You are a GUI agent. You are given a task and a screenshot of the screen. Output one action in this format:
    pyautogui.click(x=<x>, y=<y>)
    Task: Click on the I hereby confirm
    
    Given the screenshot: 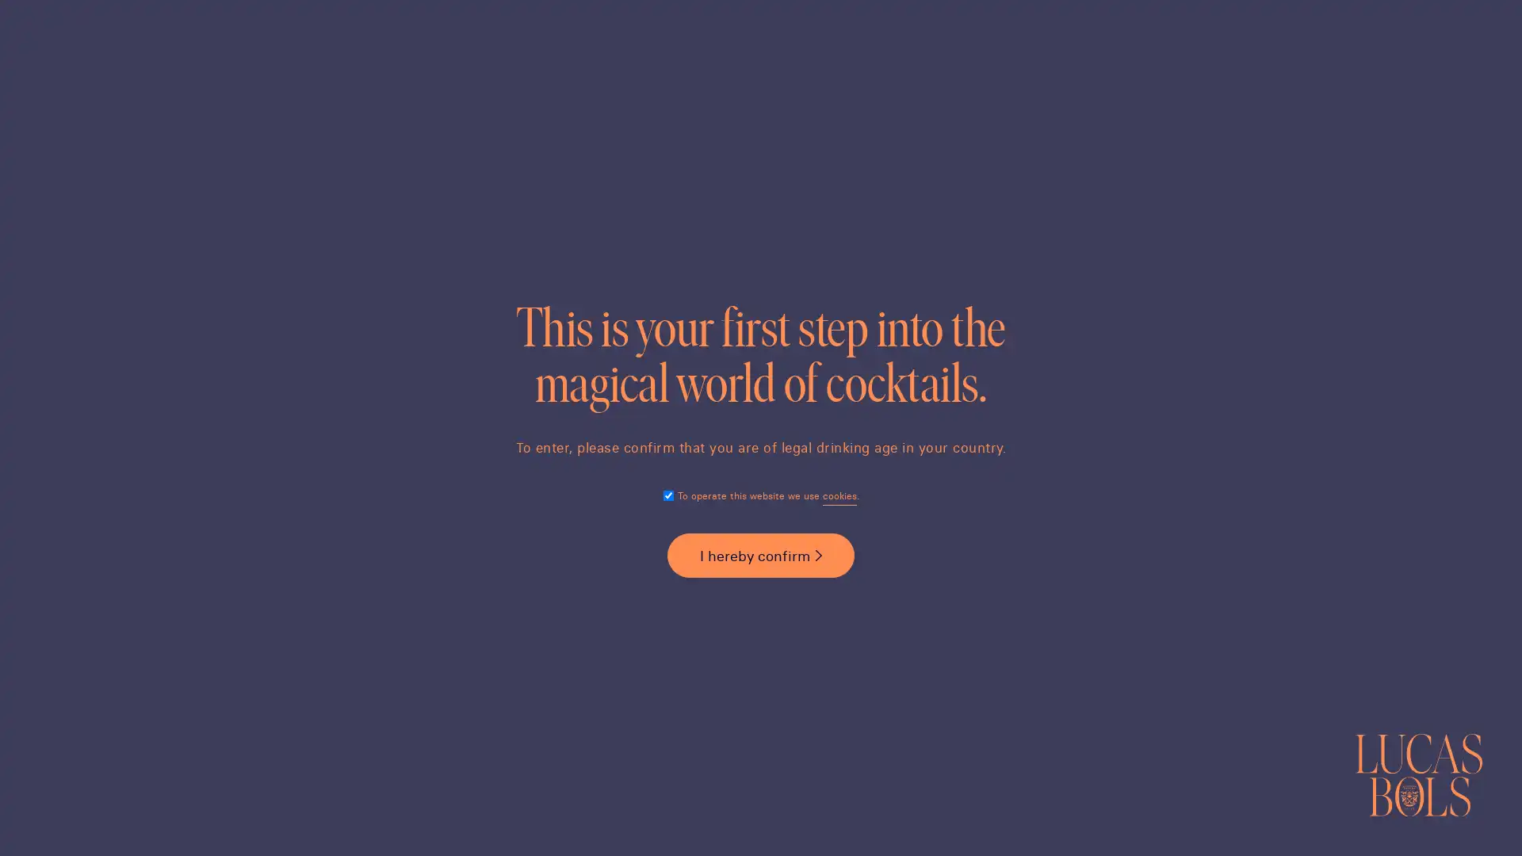 What is the action you would take?
    pyautogui.click(x=761, y=555)
    